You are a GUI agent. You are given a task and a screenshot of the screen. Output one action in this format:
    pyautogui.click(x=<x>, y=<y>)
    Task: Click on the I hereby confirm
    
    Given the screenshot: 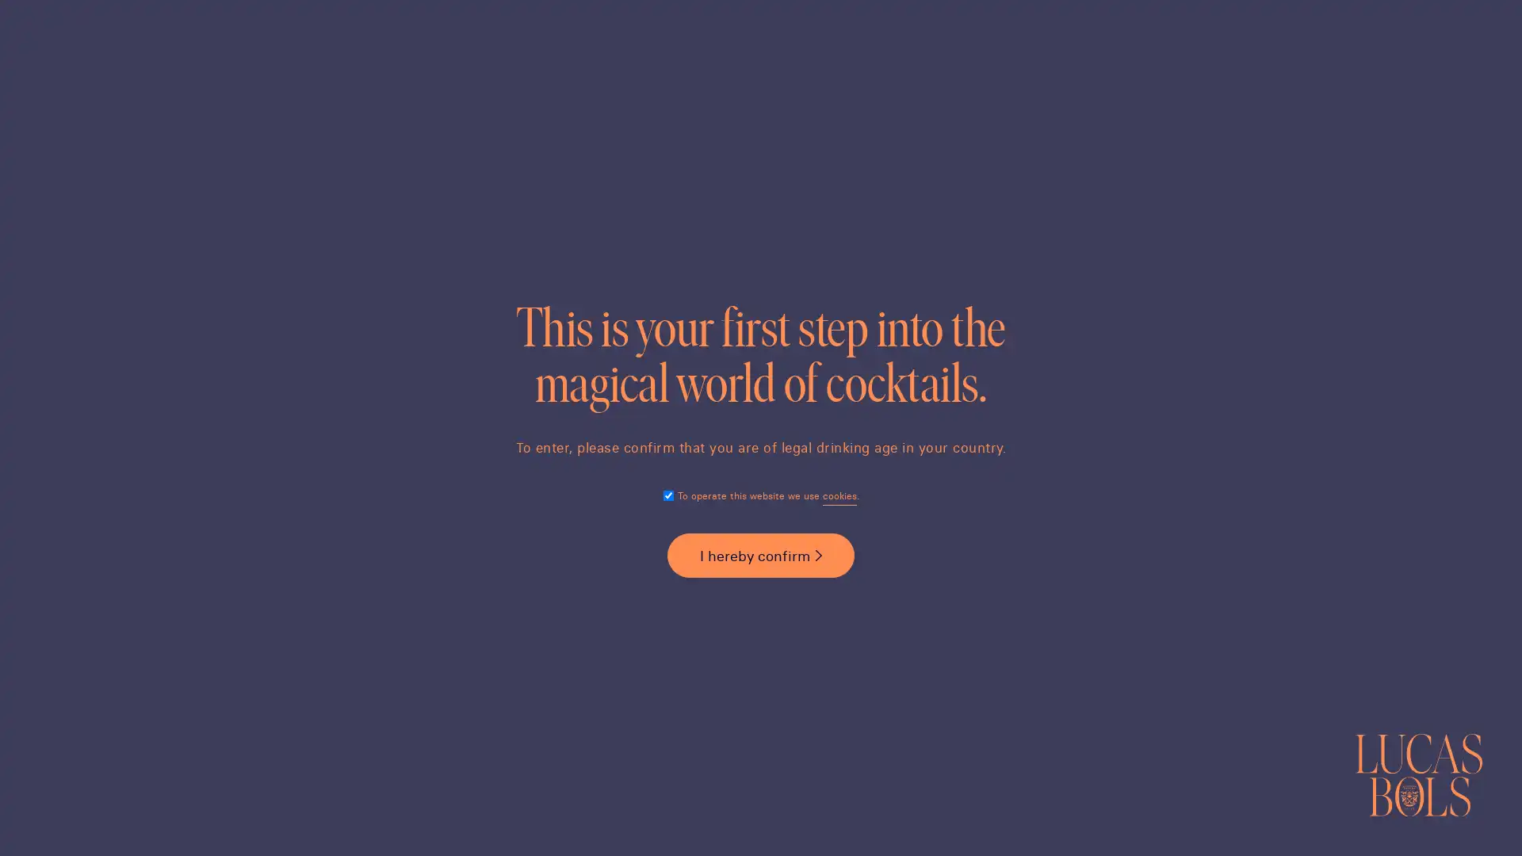 What is the action you would take?
    pyautogui.click(x=761, y=555)
    